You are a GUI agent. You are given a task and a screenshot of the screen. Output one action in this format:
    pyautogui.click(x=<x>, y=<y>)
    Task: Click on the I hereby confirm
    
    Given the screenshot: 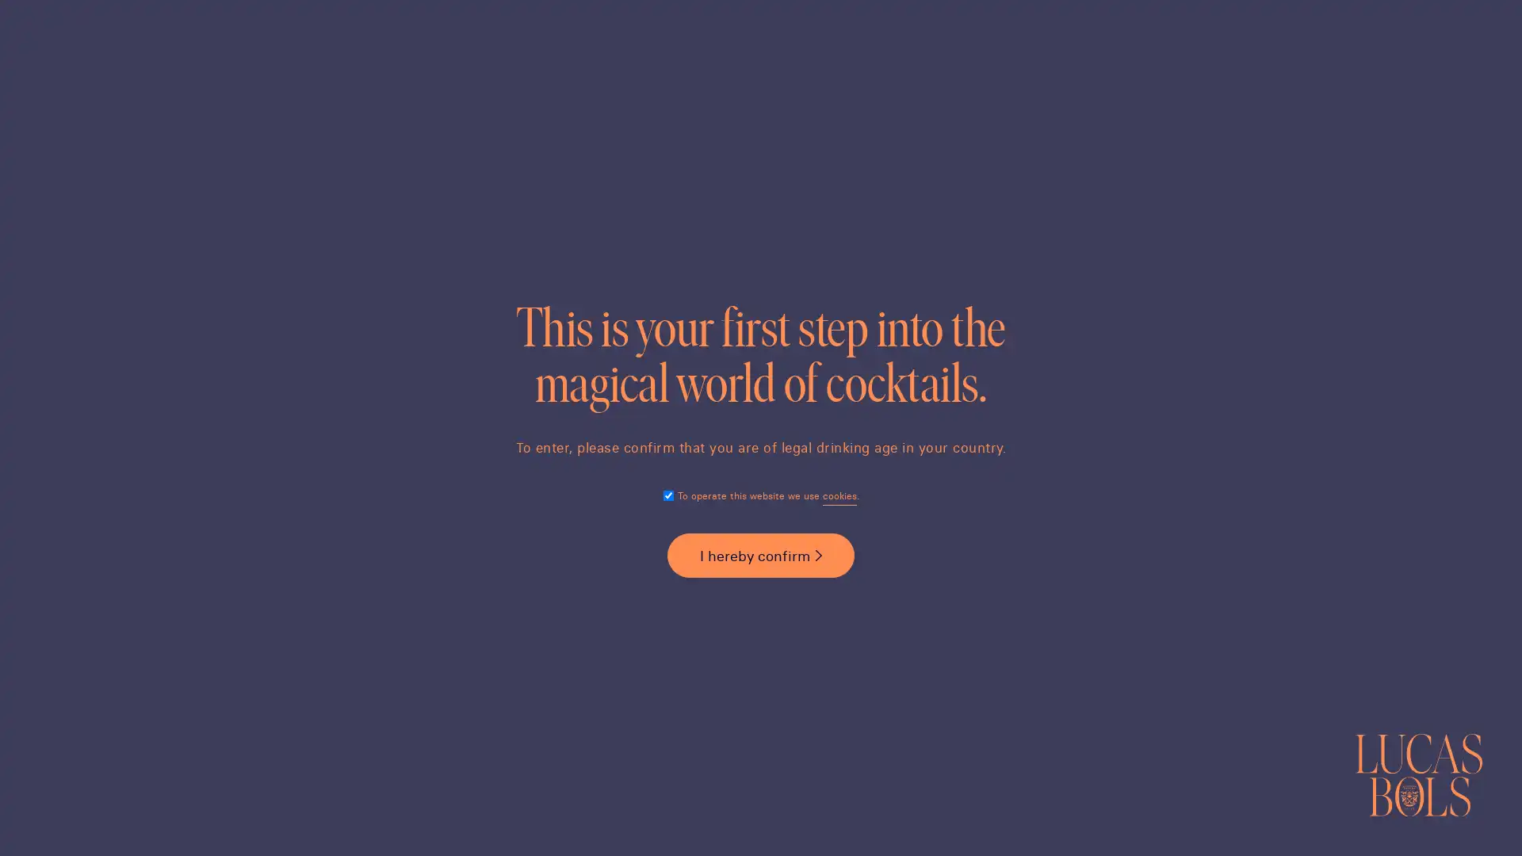 What is the action you would take?
    pyautogui.click(x=761, y=555)
    